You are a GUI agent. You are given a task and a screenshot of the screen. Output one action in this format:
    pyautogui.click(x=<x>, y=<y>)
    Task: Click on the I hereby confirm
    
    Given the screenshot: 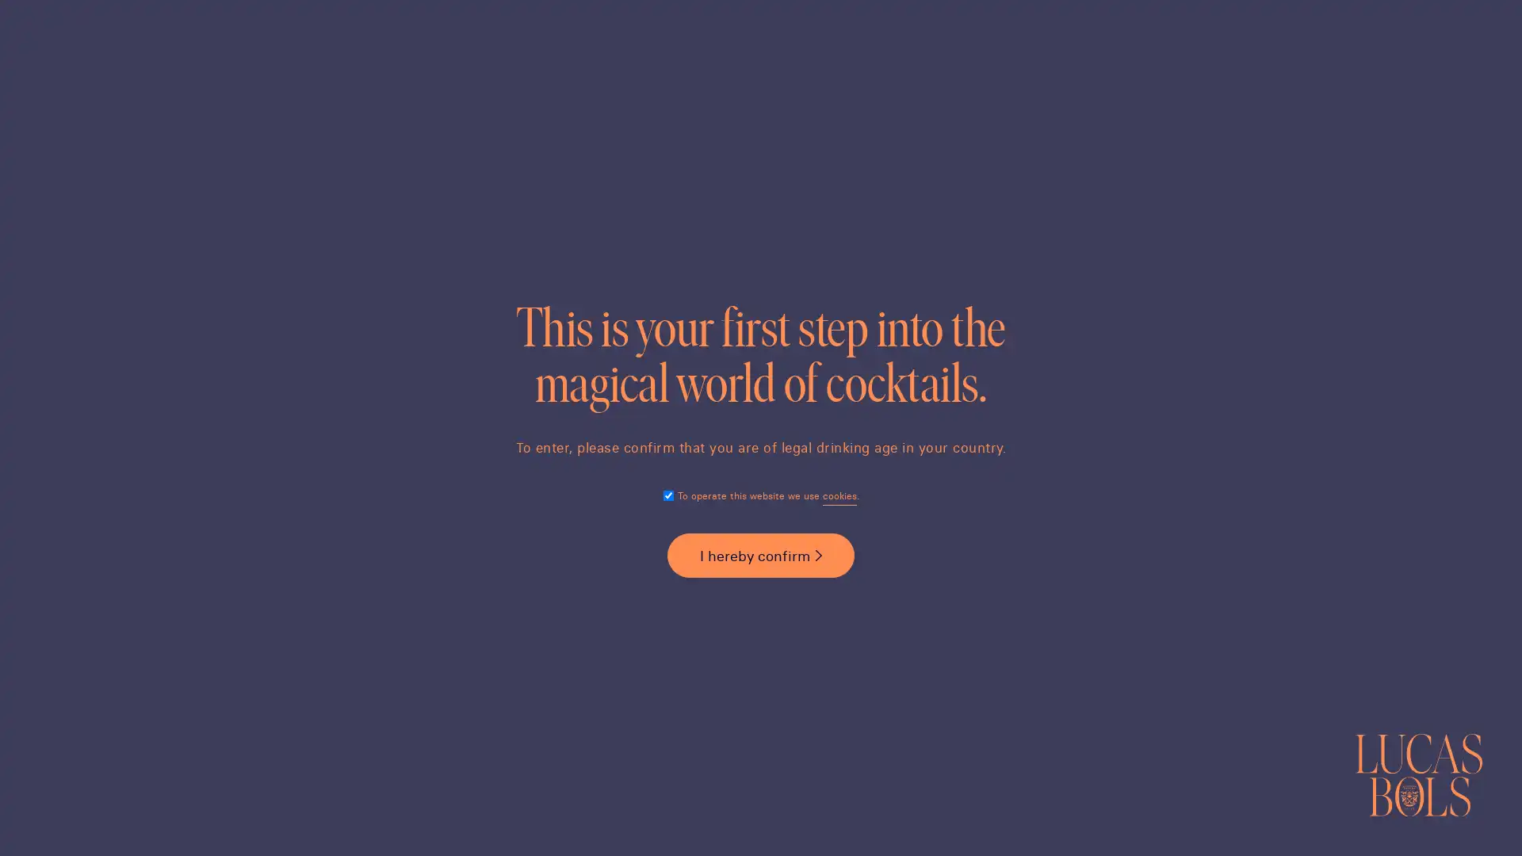 What is the action you would take?
    pyautogui.click(x=761, y=555)
    